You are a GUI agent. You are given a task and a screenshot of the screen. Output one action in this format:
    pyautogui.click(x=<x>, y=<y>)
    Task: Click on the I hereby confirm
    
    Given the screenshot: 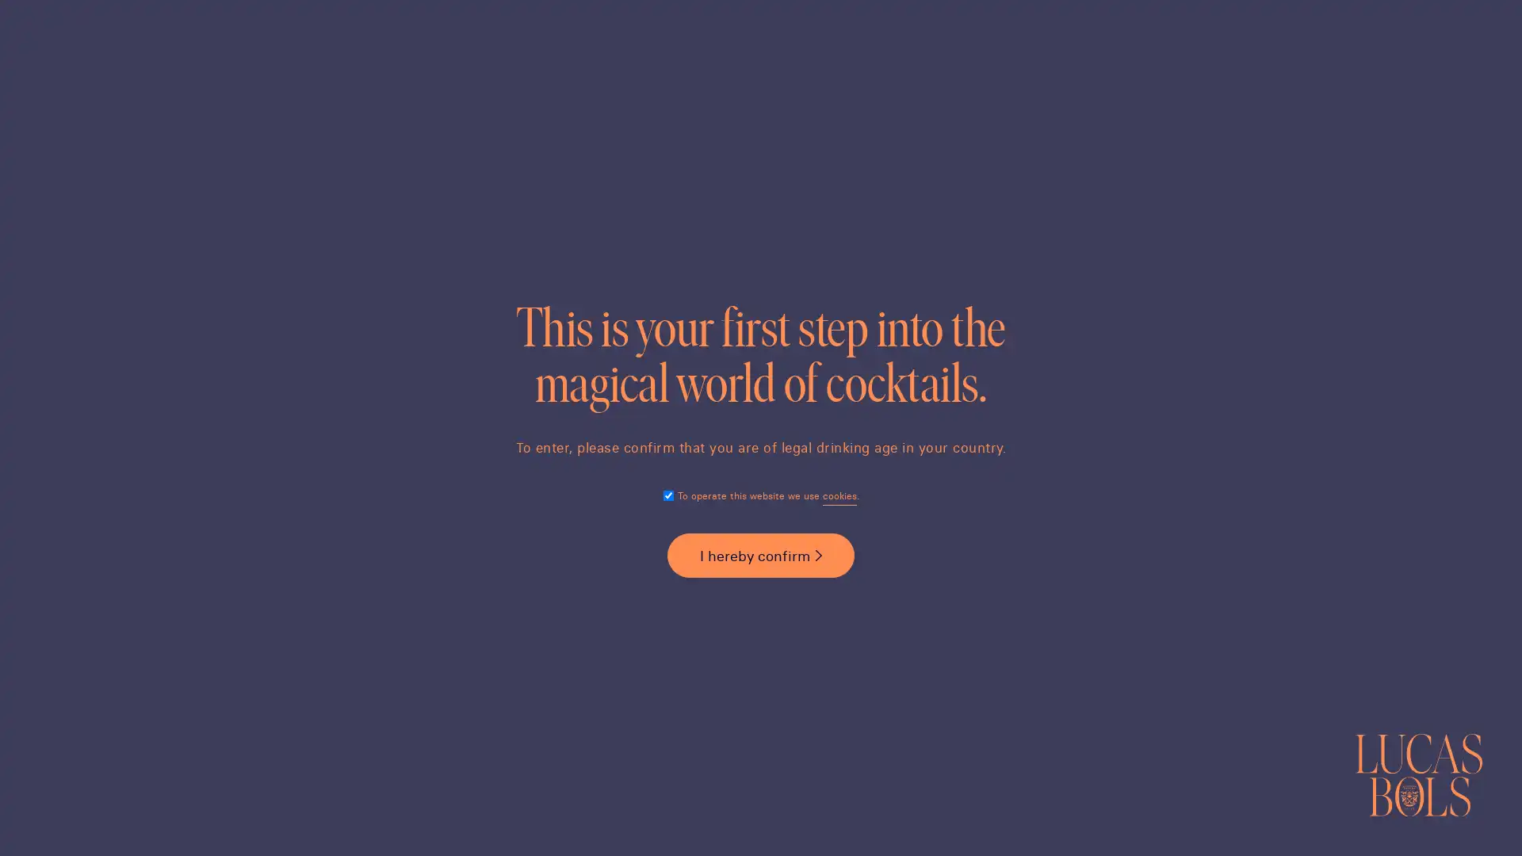 What is the action you would take?
    pyautogui.click(x=761, y=555)
    